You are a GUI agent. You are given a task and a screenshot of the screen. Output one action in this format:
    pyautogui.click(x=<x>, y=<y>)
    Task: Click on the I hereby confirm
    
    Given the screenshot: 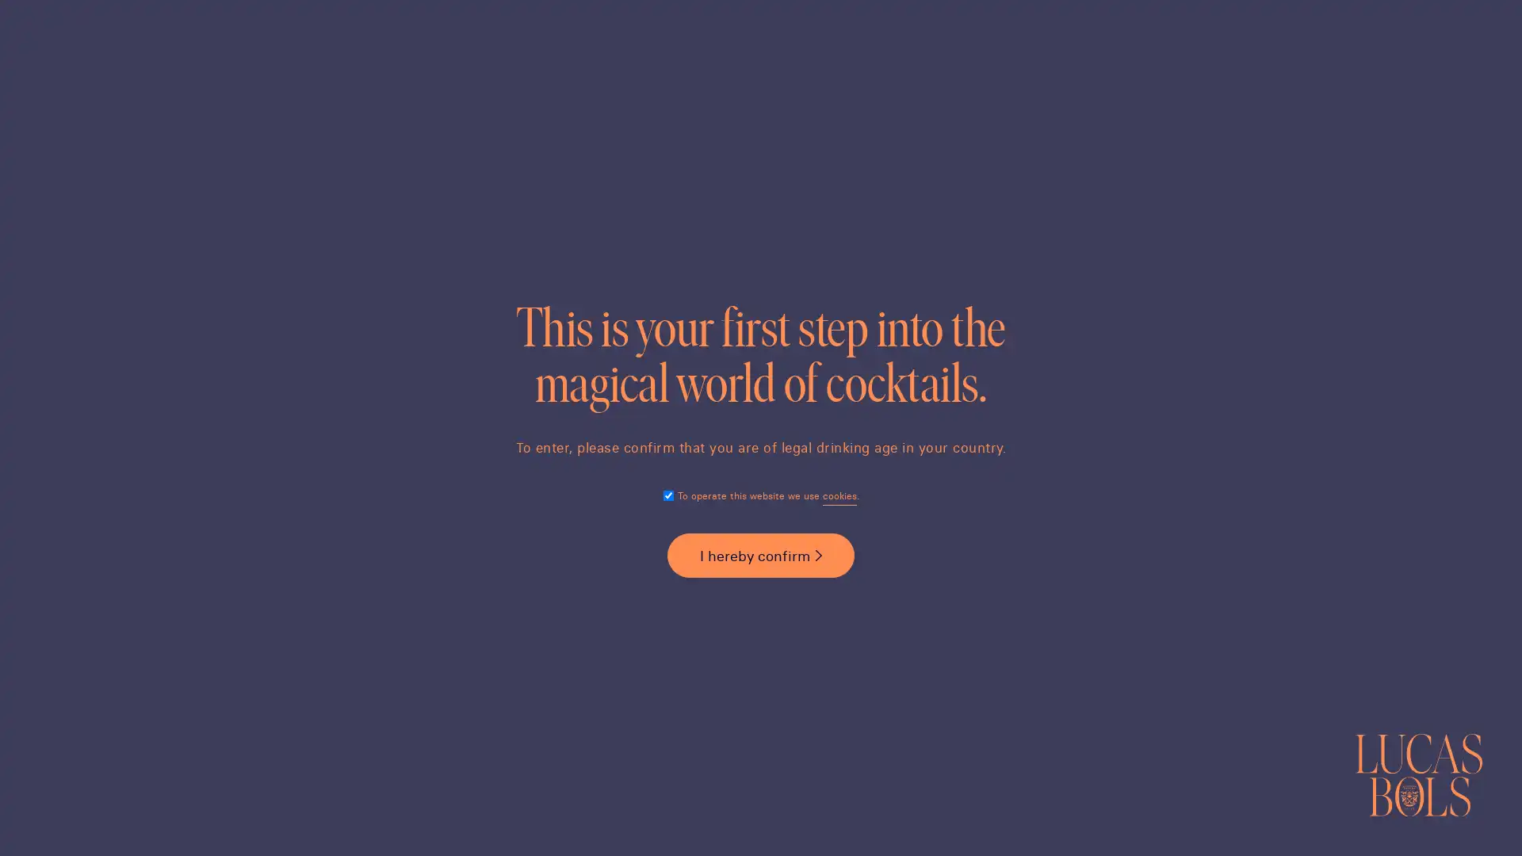 What is the action you would take?
    pyautogui.click(x=761, y=555)
    